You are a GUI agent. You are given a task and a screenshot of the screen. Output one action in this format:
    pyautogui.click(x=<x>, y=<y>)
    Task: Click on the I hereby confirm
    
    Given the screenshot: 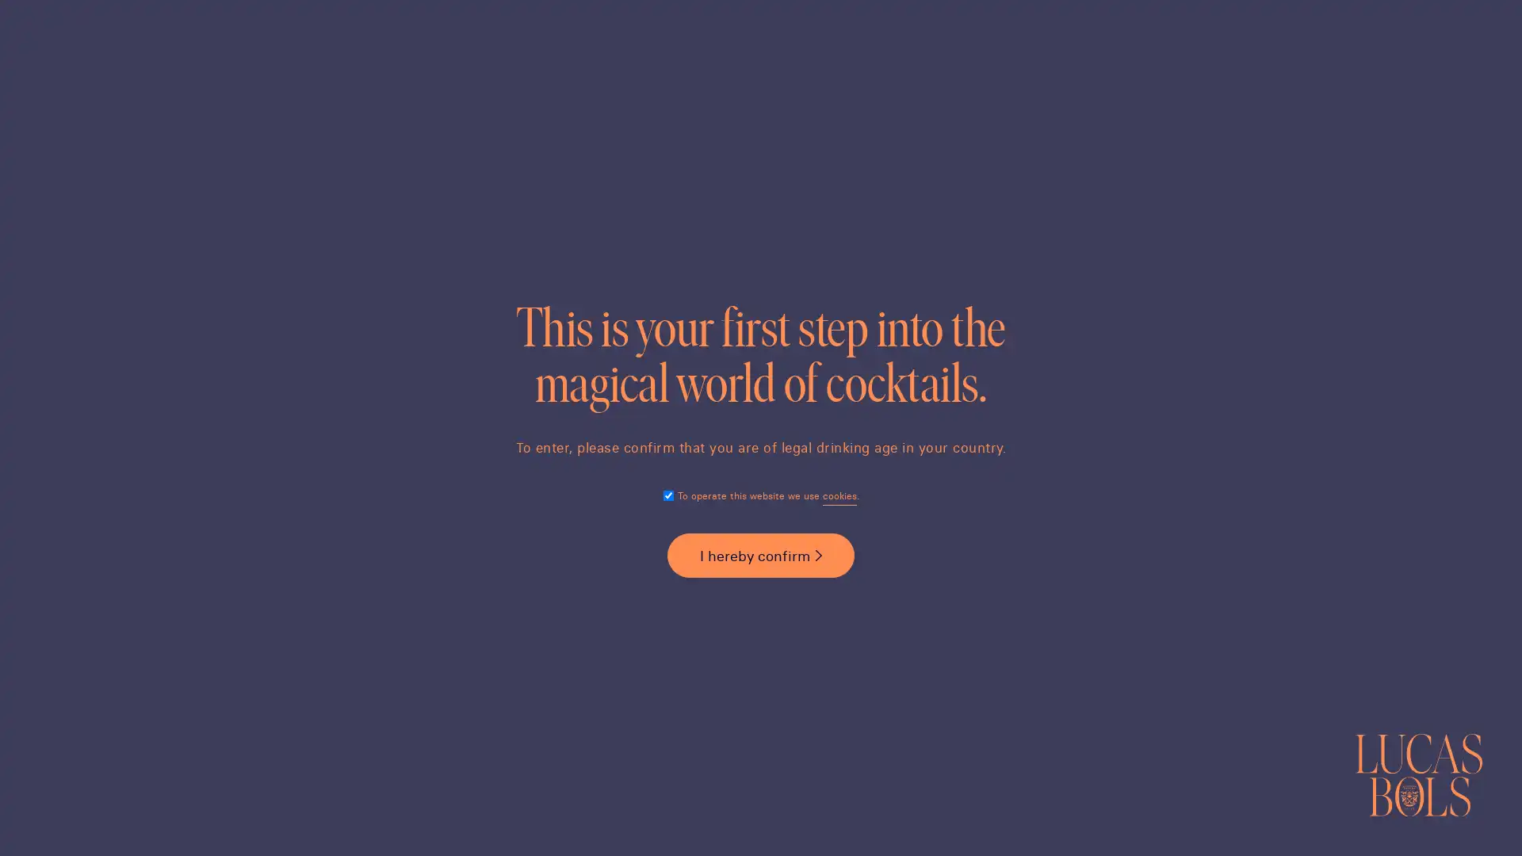 What is the action you would take?
    pyautogui.click(x=761, y=555)
    